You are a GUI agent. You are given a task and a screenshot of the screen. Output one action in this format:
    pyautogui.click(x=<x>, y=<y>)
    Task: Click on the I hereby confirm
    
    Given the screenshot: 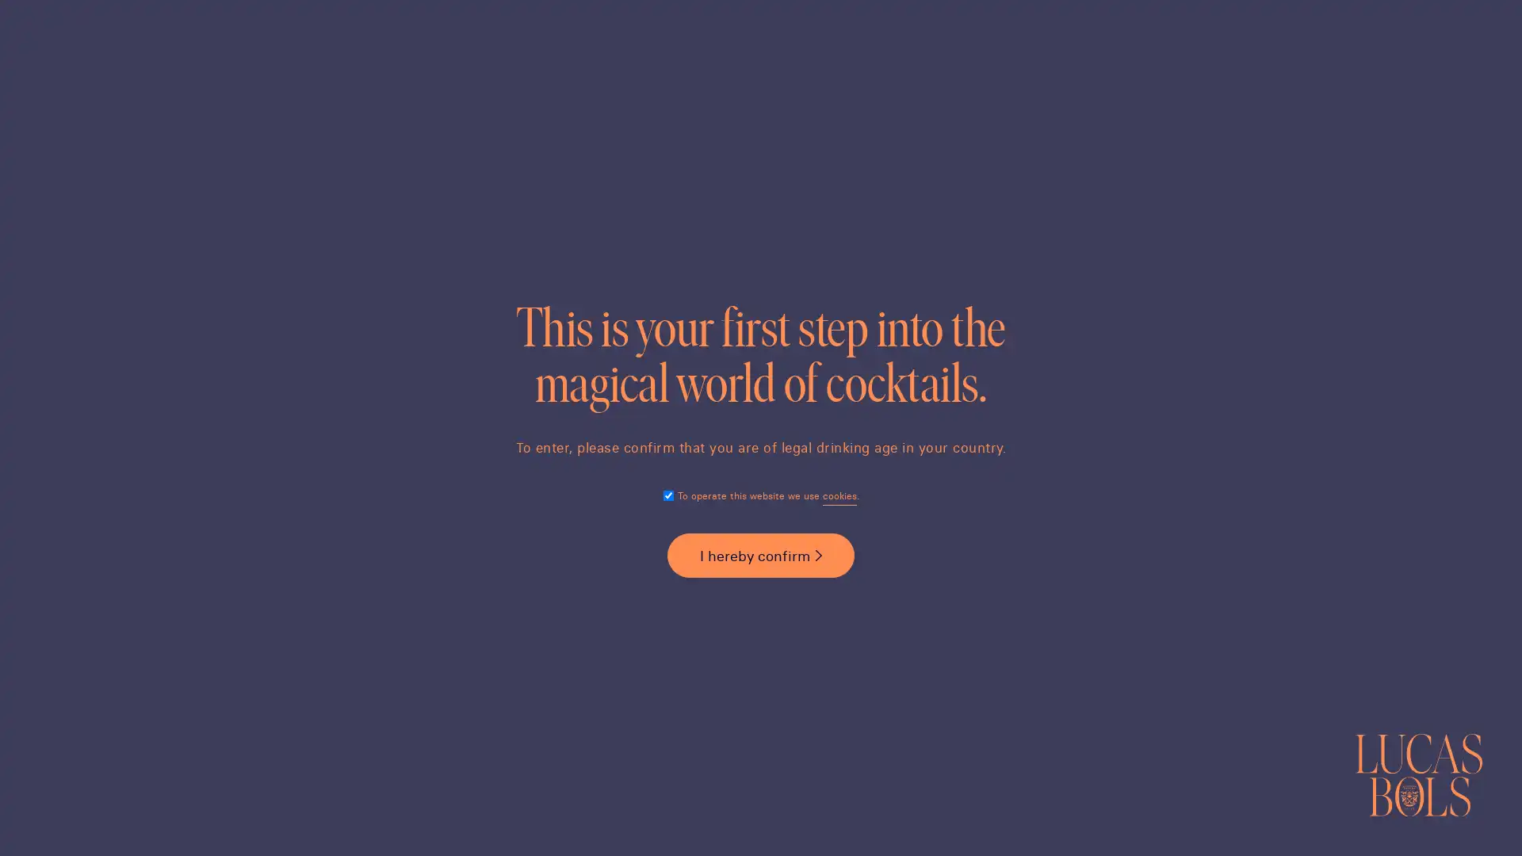 What is the action you would take?
    pyautogui.click(x=761, y=555)
    